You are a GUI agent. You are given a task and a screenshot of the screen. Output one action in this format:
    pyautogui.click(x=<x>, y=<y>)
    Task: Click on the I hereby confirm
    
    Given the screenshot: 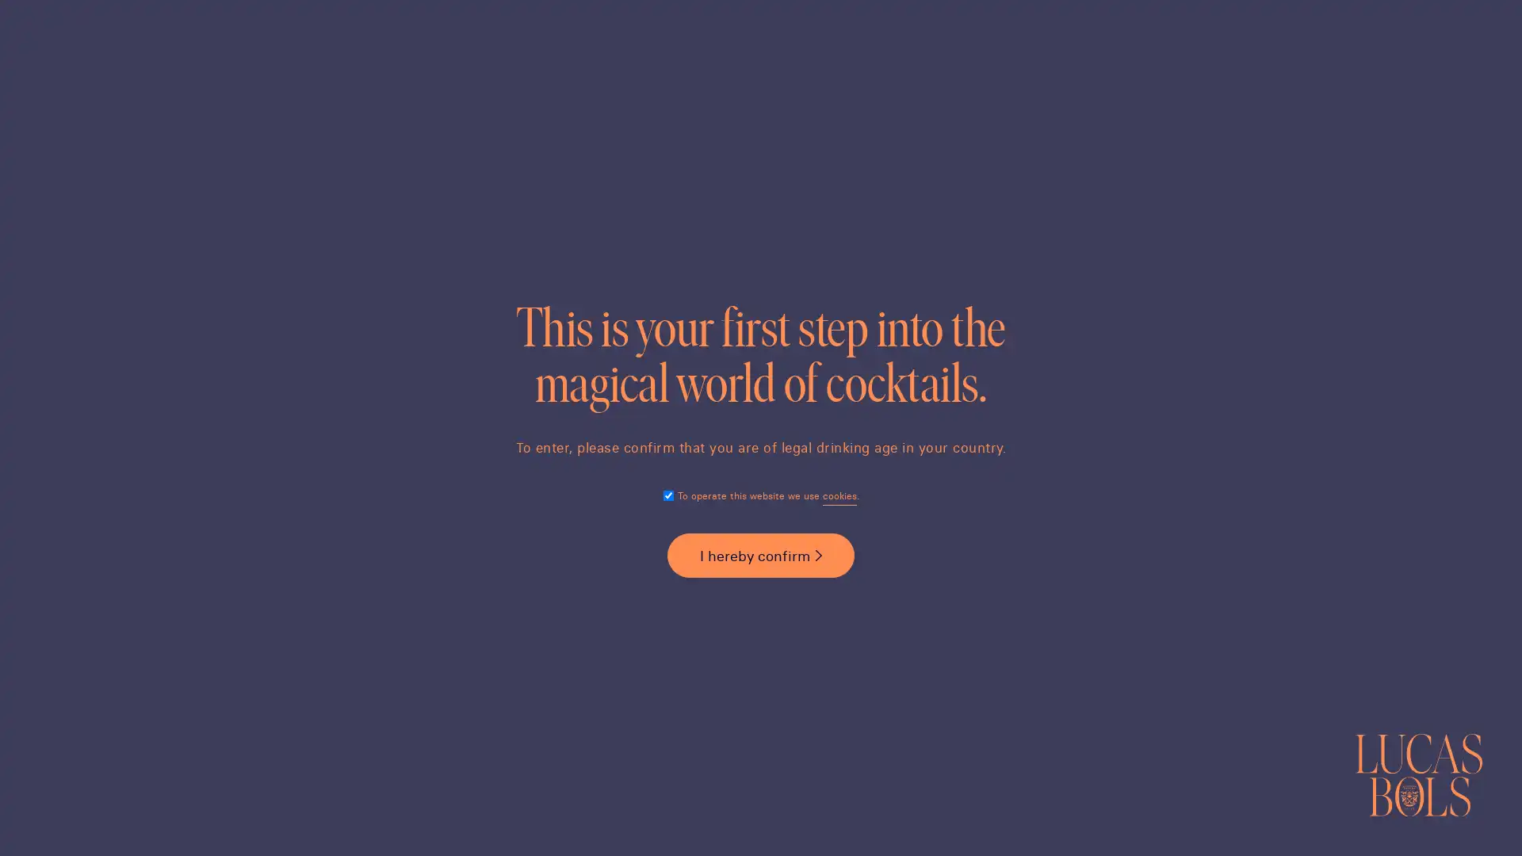 What is the action you would take?
    pyautogui.click(x=761, y=555)
    